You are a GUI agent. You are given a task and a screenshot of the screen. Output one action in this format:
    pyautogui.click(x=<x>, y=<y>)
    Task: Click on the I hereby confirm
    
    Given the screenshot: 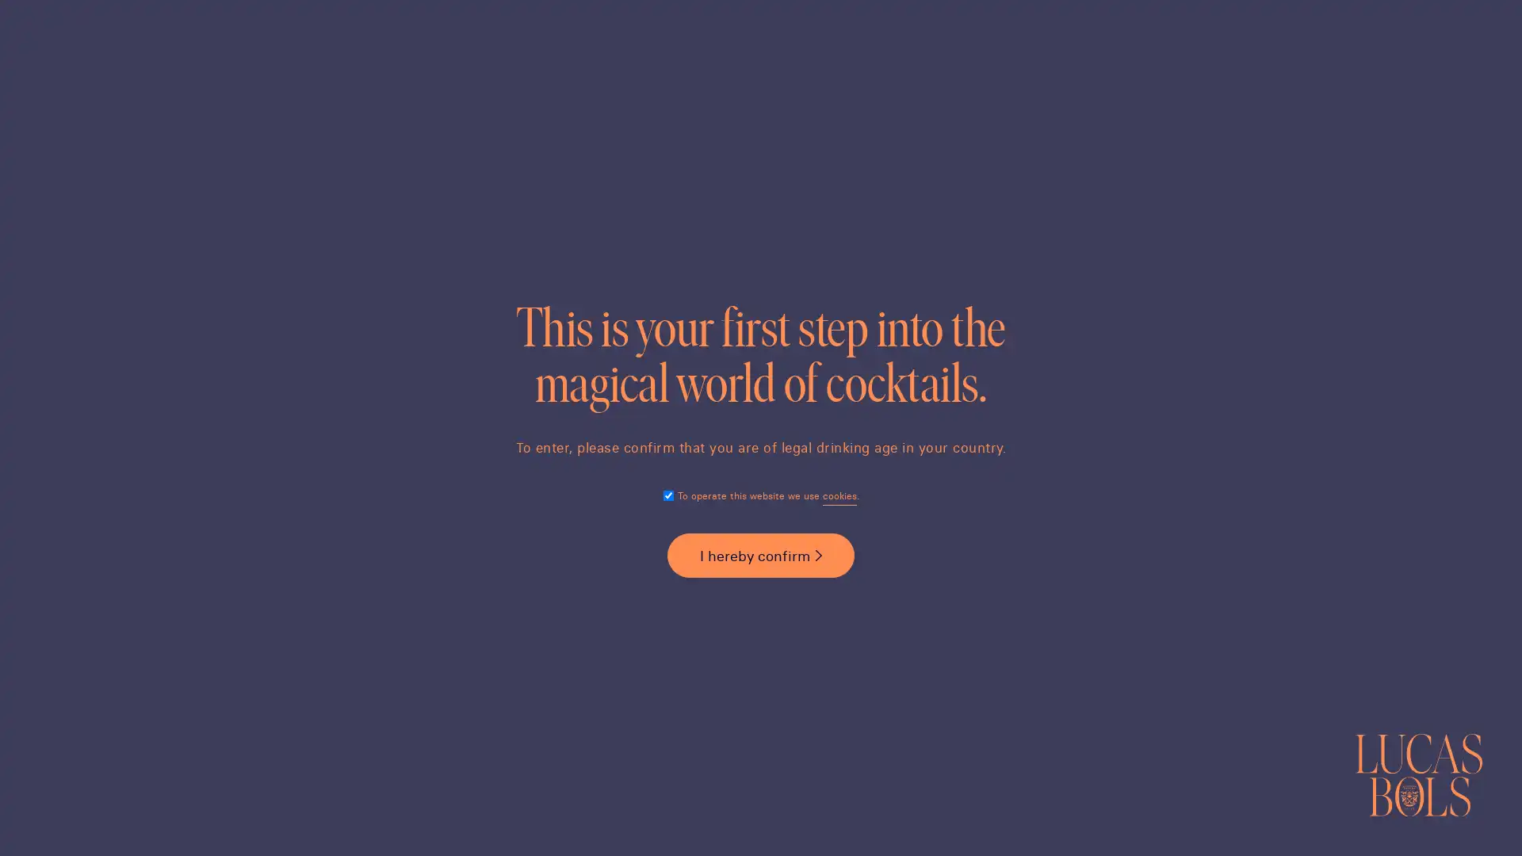 What is the action you would take?
    pyautogui.click(x=761, y=555)
    